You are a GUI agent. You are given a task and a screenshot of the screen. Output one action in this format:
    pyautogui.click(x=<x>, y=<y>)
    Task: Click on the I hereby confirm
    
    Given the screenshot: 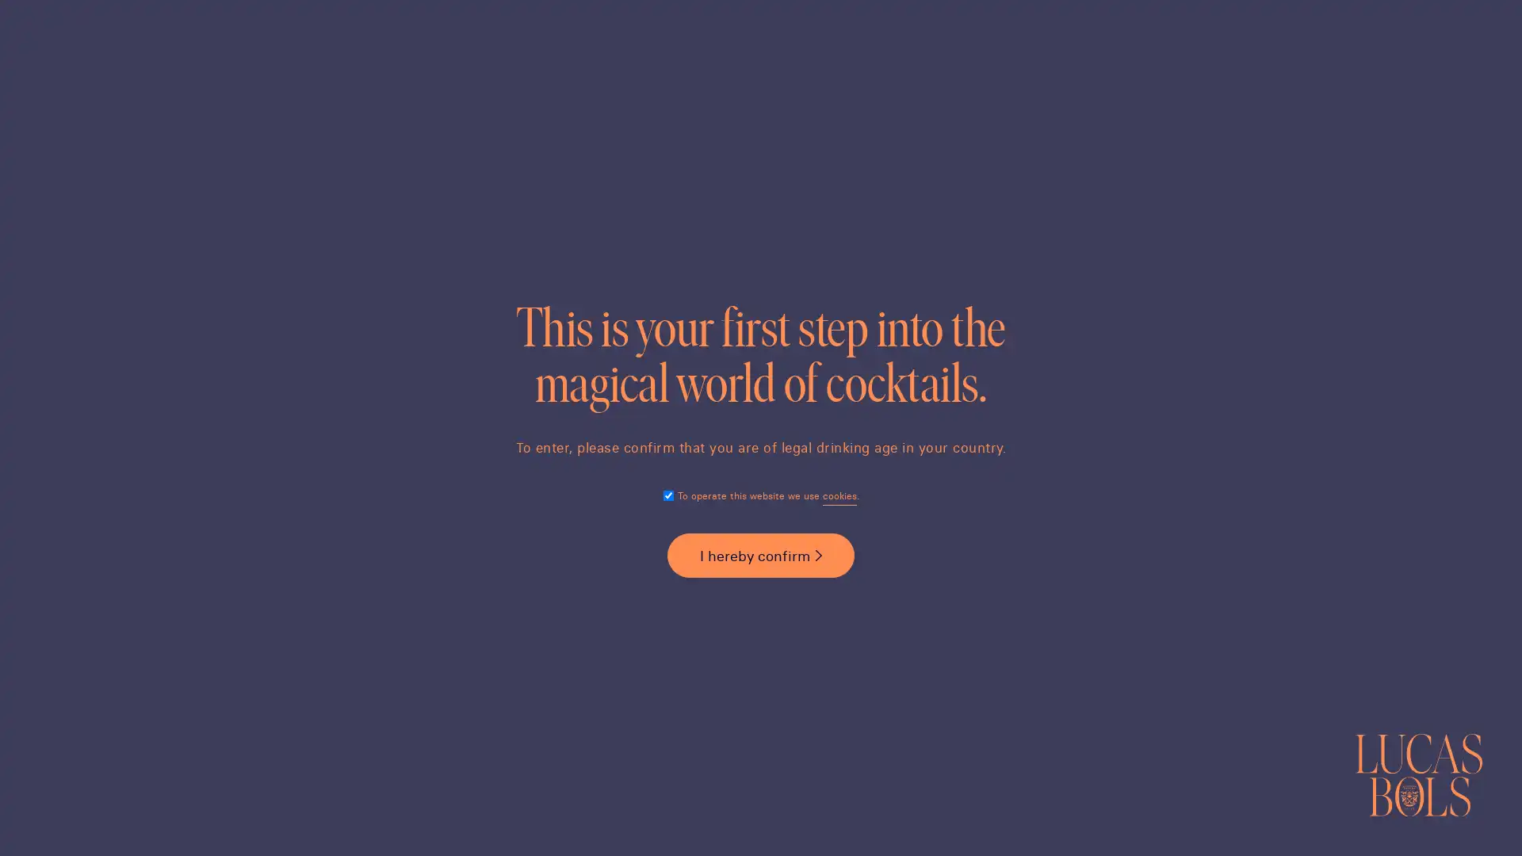 What is the action you would take?
    pyautogui.click(x=761, y=555)
    